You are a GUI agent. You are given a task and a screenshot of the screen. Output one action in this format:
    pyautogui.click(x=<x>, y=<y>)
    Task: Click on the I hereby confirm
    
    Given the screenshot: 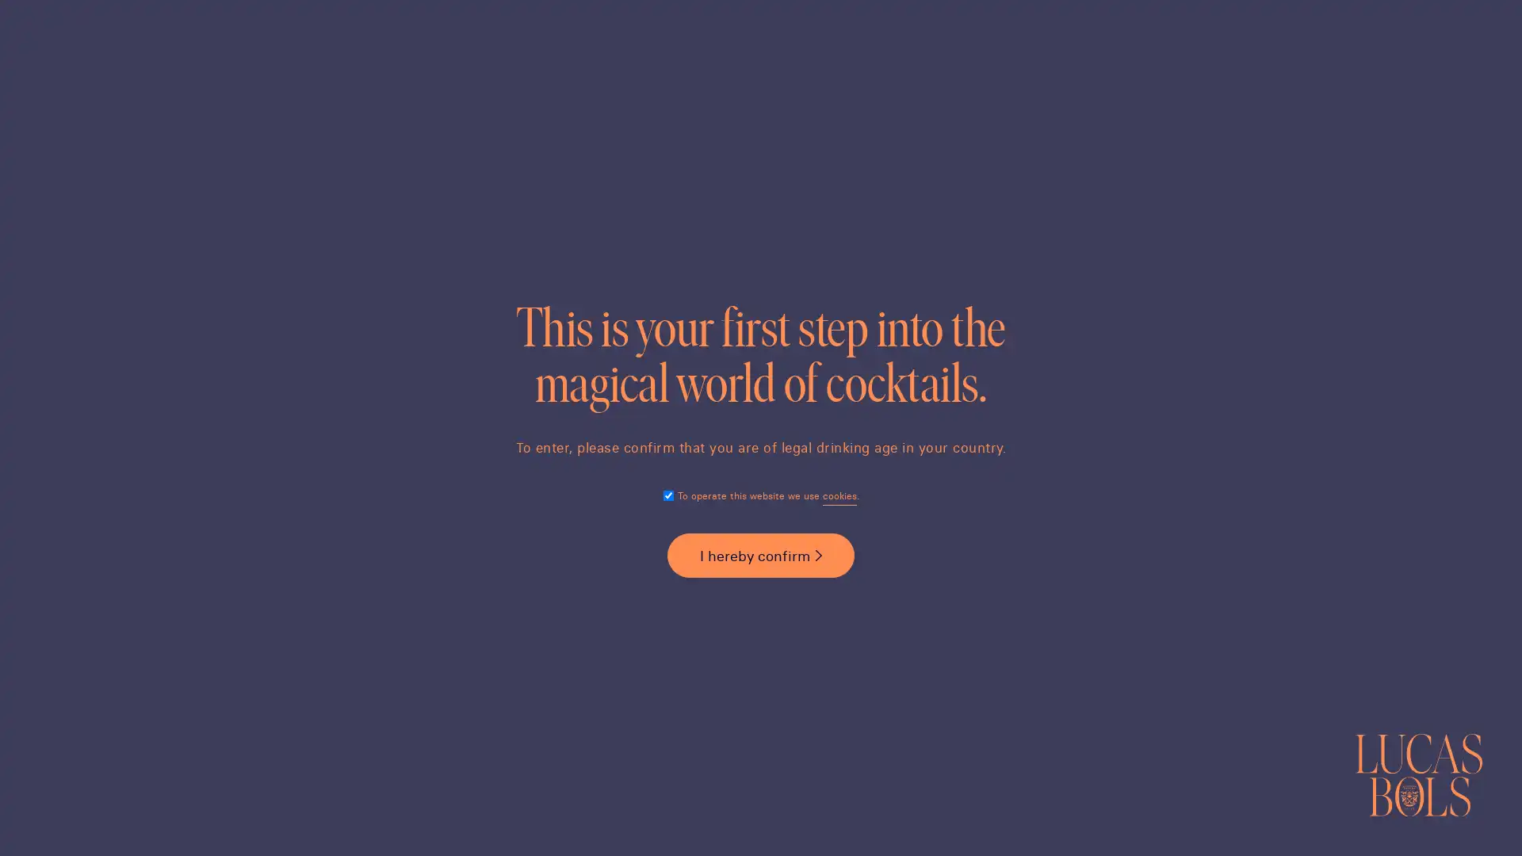 What is the action you would take?
    pyautogui.click(x=761, y=555)
    